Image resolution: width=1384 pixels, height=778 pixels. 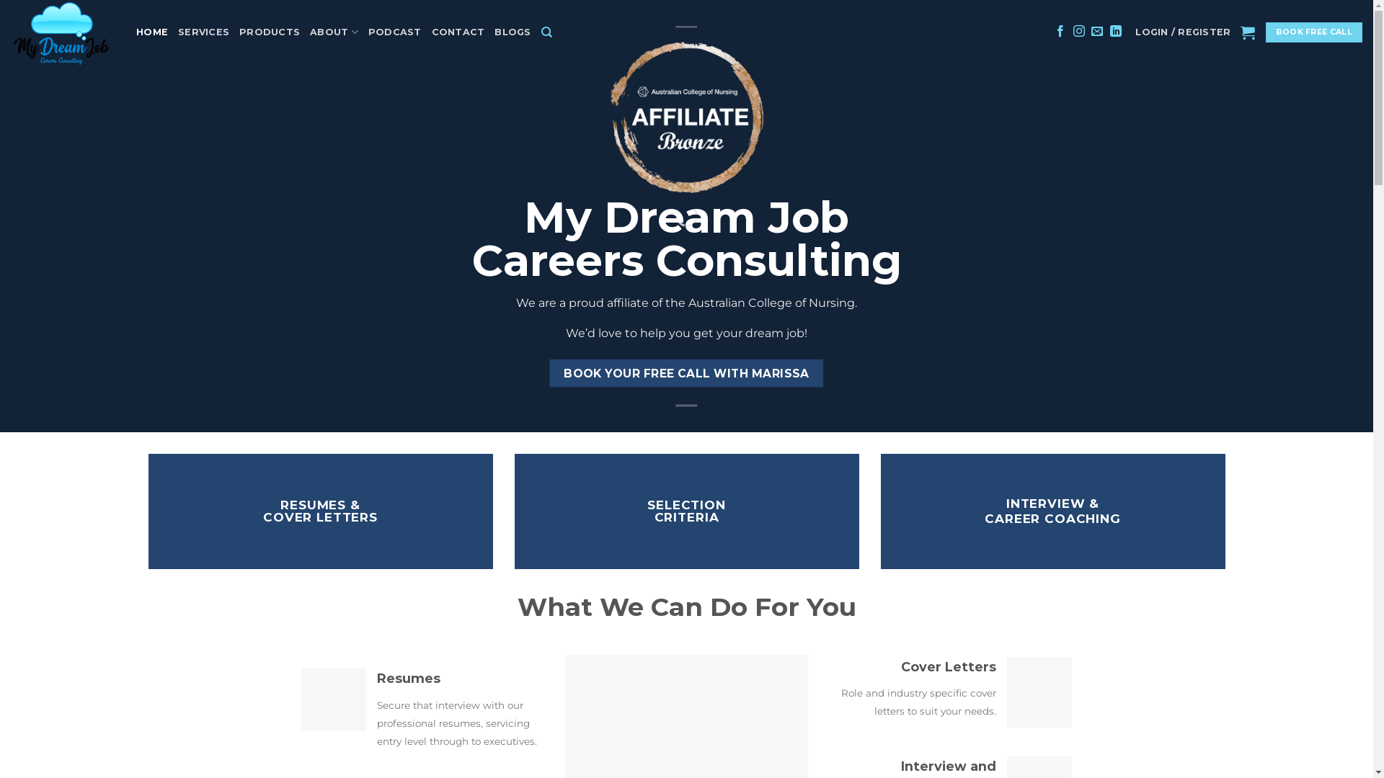 I want to click on 'CONTACT', so click(x=431, y=32).